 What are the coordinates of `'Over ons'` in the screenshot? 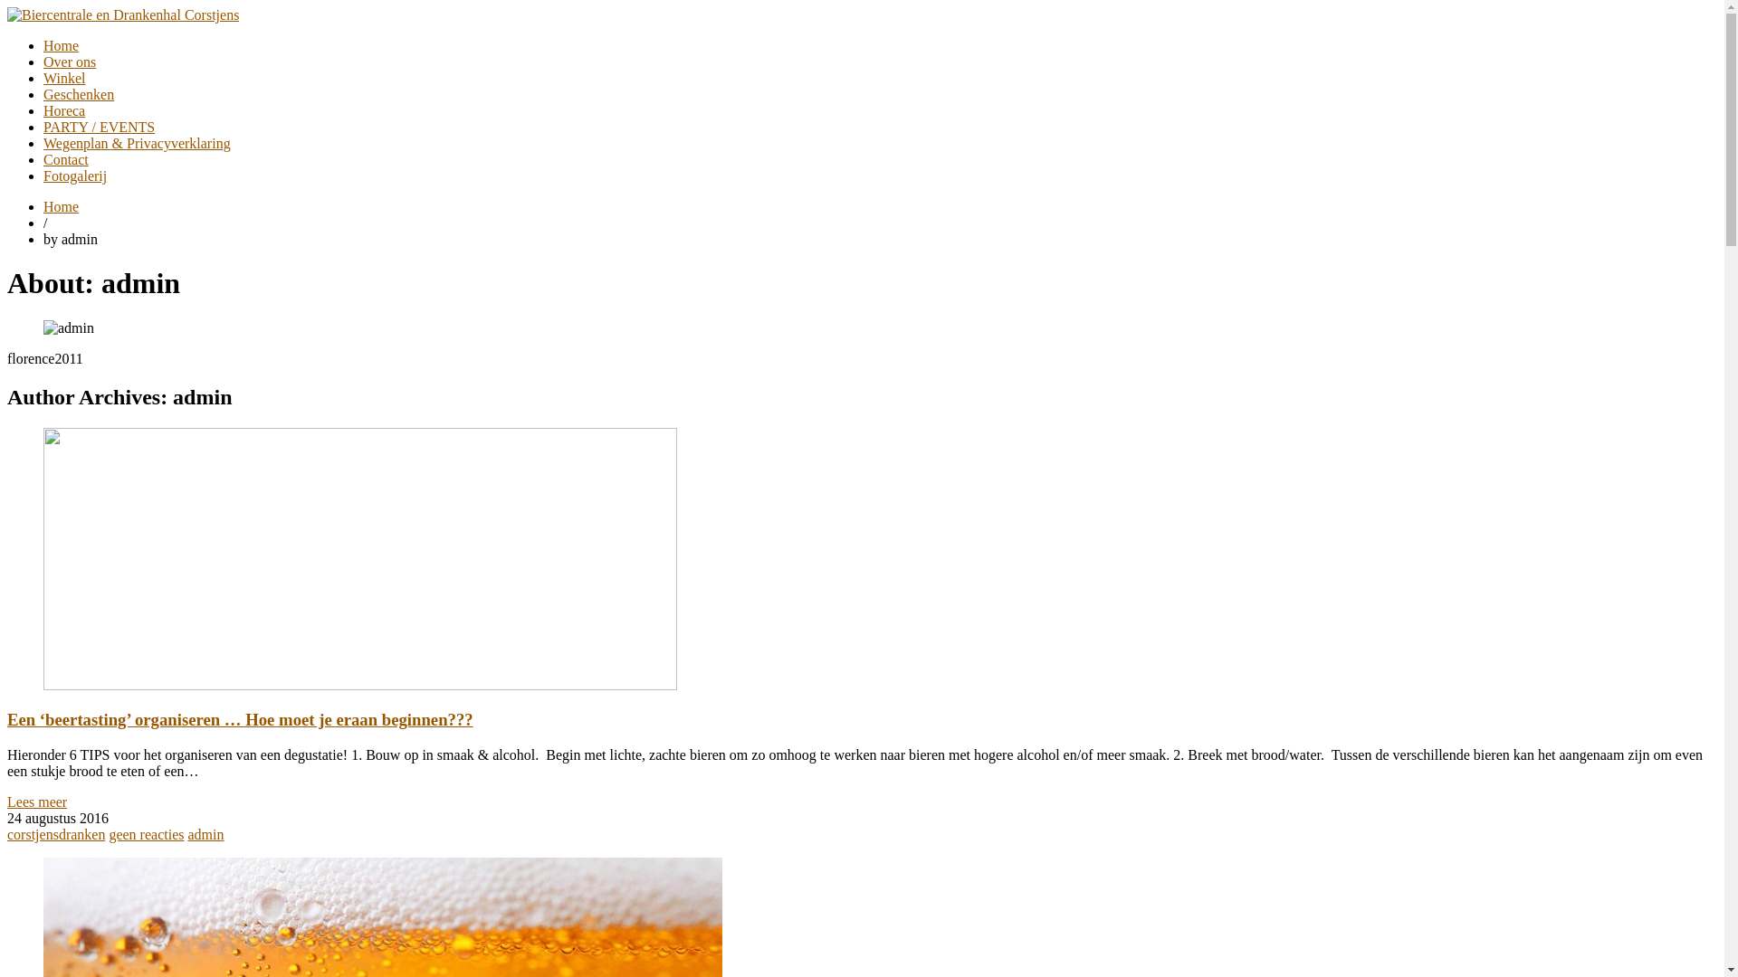 It's located at (69, 61).